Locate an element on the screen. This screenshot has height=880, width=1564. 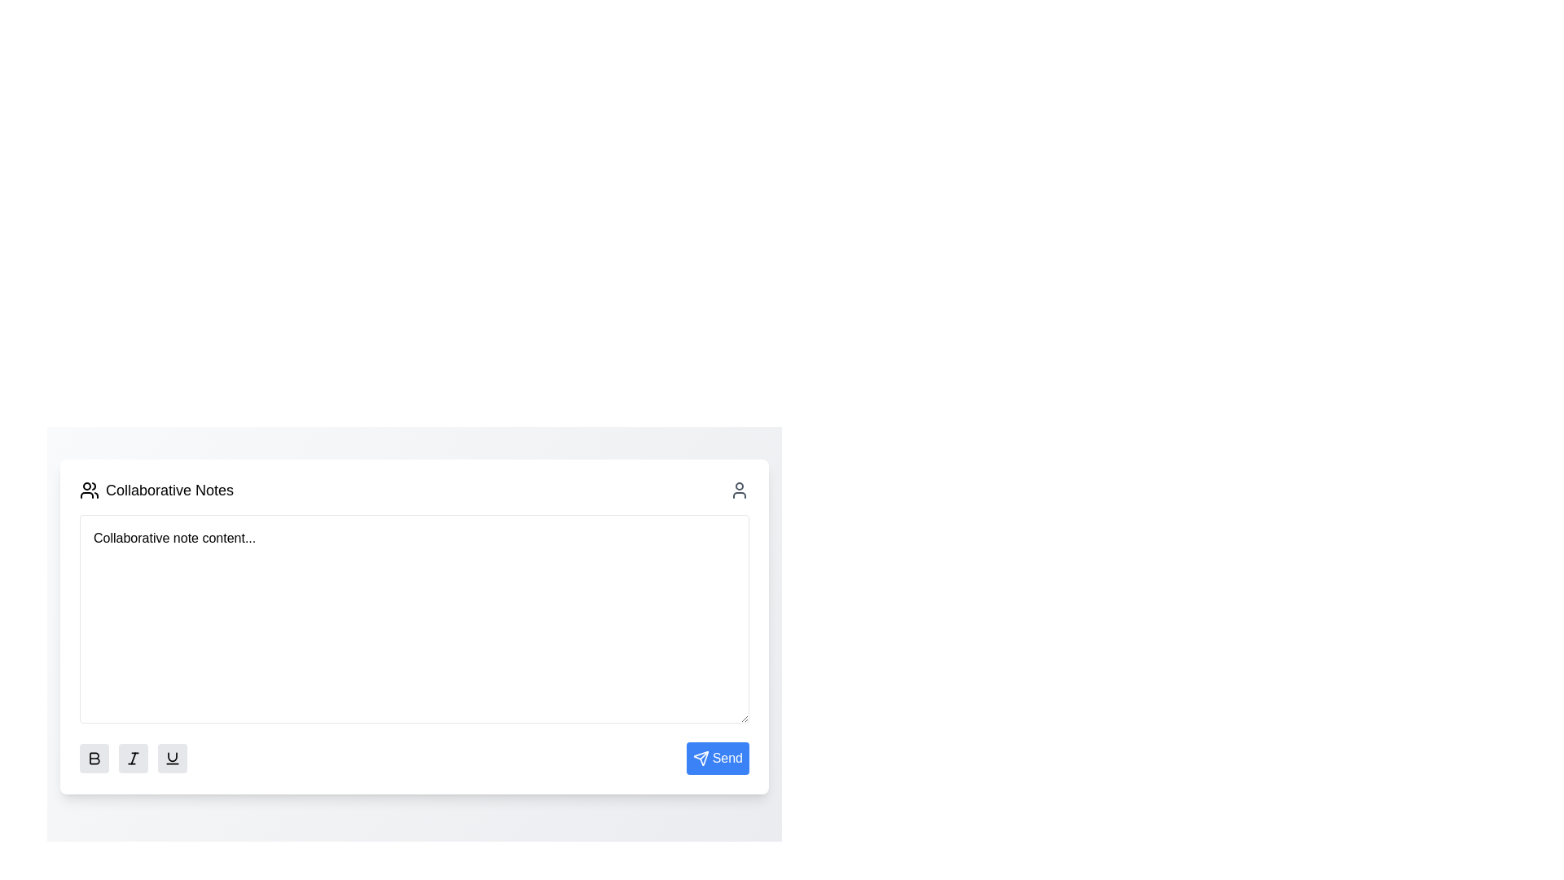
the user outline icon in the top-right corner of the header bar is located at coordinates (738, 489).